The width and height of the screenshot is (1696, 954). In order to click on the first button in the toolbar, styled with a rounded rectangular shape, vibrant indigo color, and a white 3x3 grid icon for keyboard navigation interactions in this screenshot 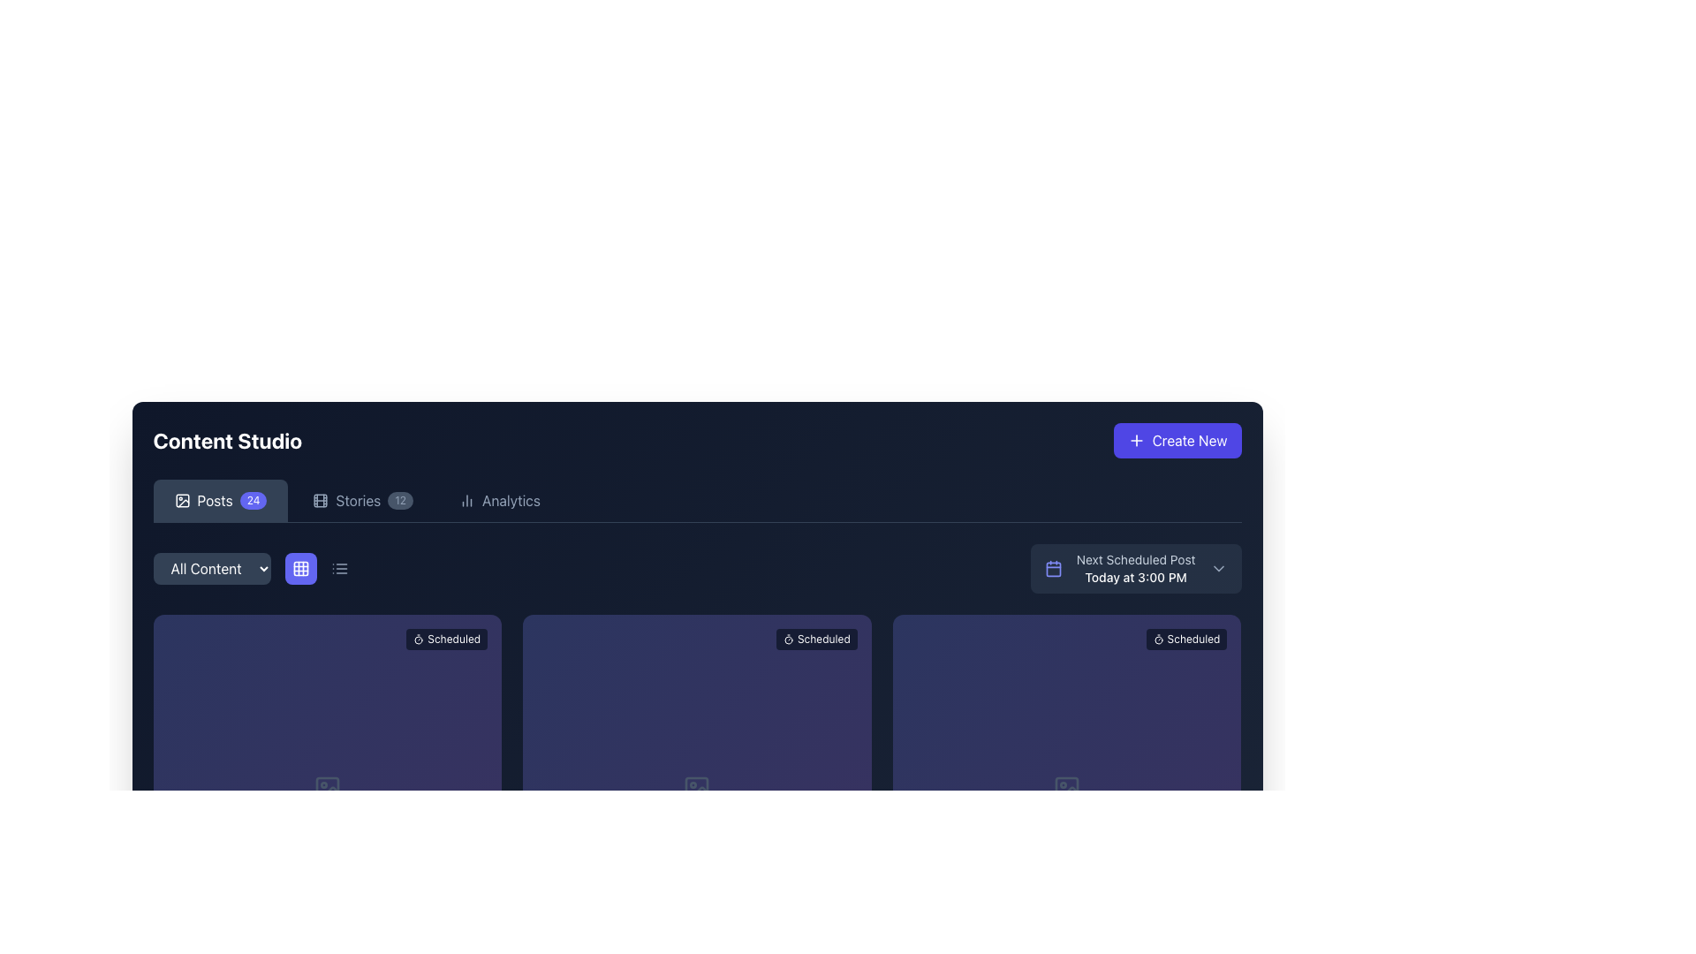, I will do `click(300, 569)`.